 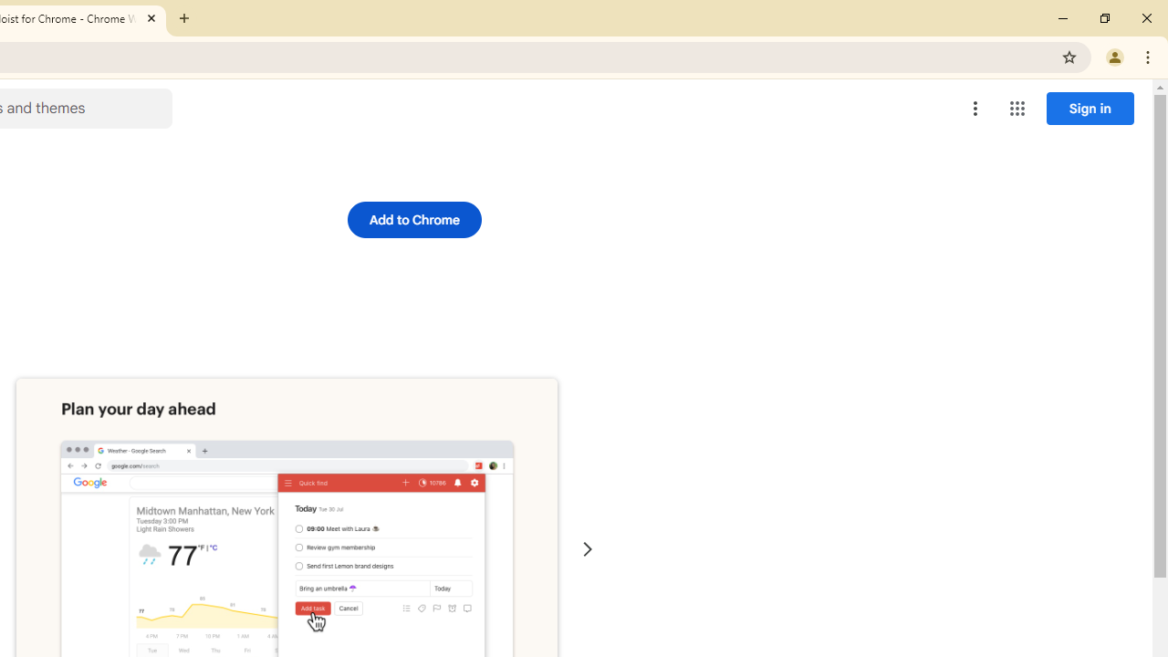 I want to click on 'More options menu', so click(x=975, y=109).